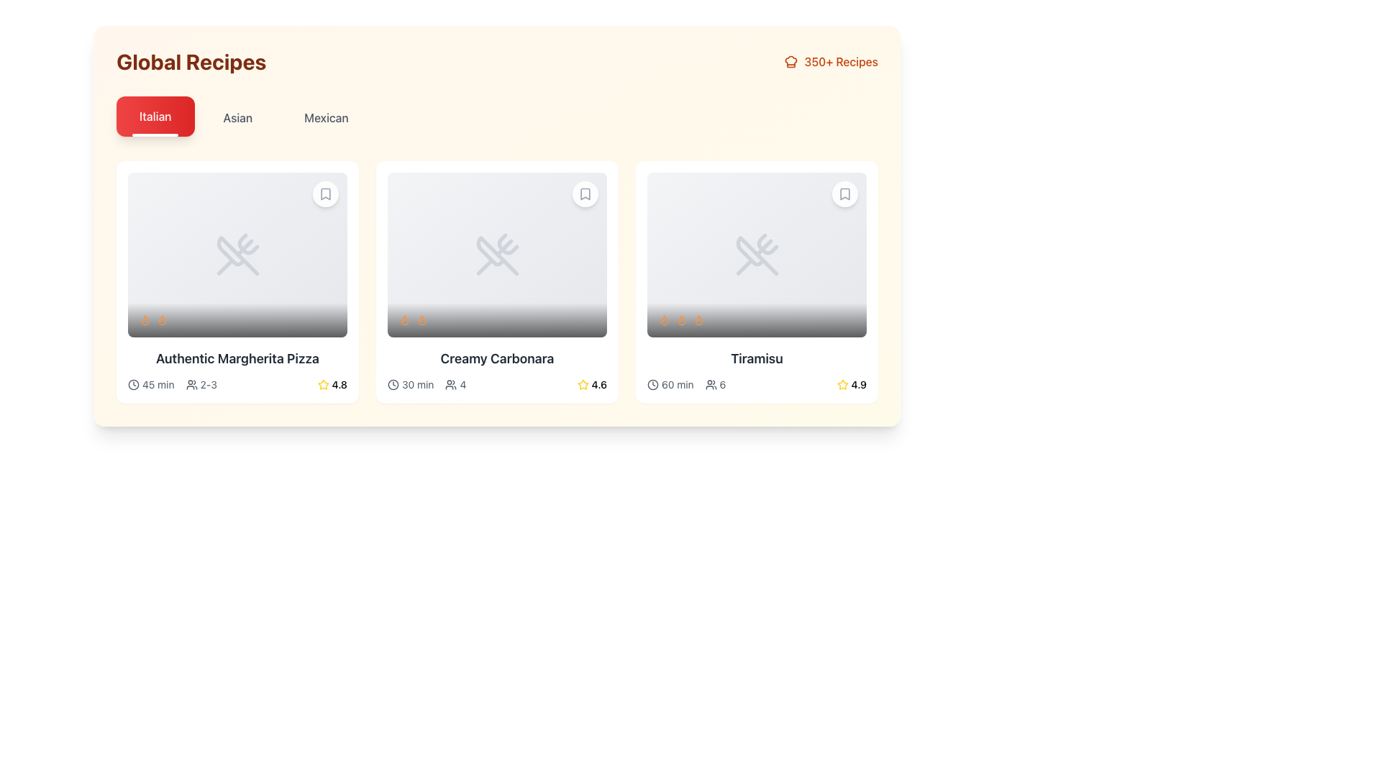 This screenshot has width=1381, height=777. What do you see at coordinates (497, 319) in the screenshot?
I see `the content of the flame icon group located at the bottom of the middle recipe card, which is visually represented by vibrant orange flame icons aligned side-by-side` at bounding box center [497, 319].